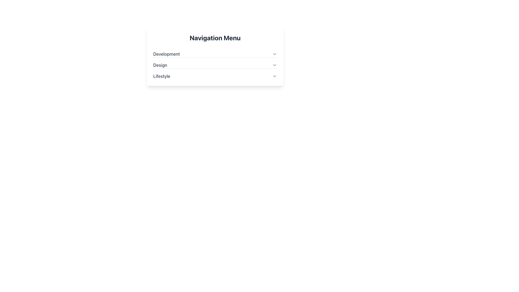  I want to click on the 'Development' dropdown trigger located below the 'Navigation Menu', so click(215, 54).